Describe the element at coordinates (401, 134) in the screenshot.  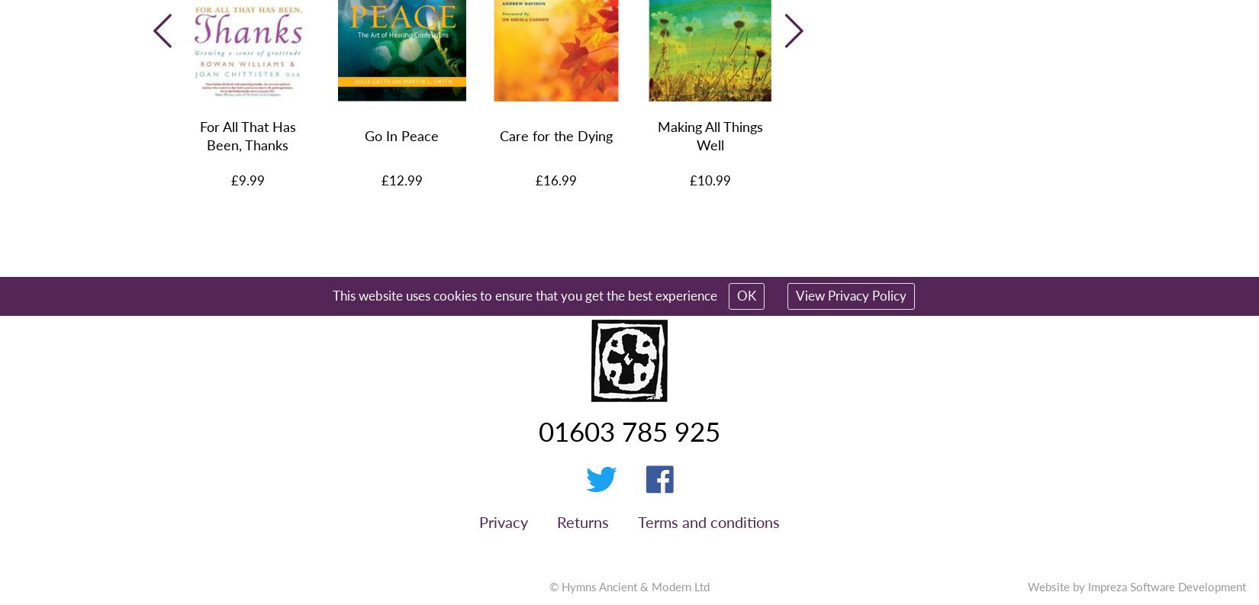
I see `'Go In Peace'` at that location.